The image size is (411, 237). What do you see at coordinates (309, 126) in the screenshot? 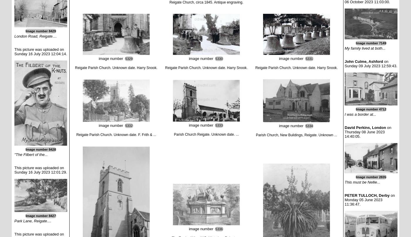
I see `'5334'` at bounding box center [309, 126].